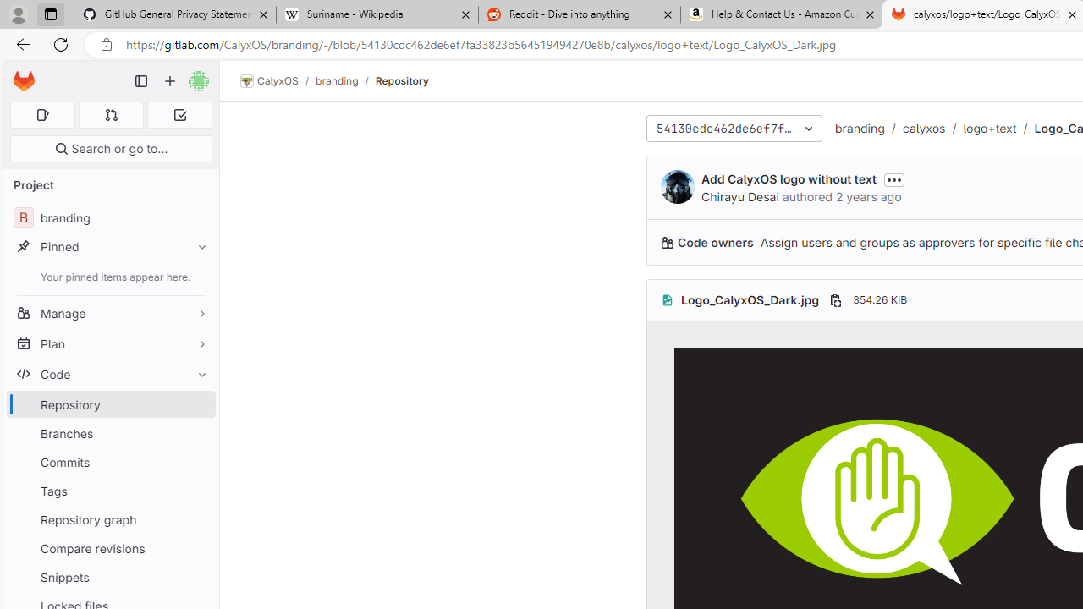  Describe the element at coordinates (110, 246) in the screenshot. I see `'Pinned'` at that location.